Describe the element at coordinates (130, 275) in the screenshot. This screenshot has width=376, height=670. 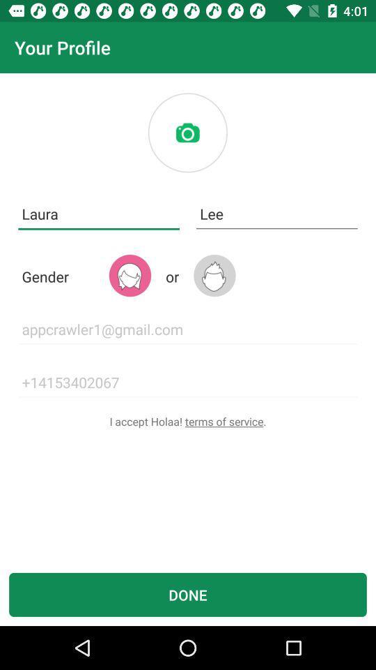
I see `the avatar icon` at that location.